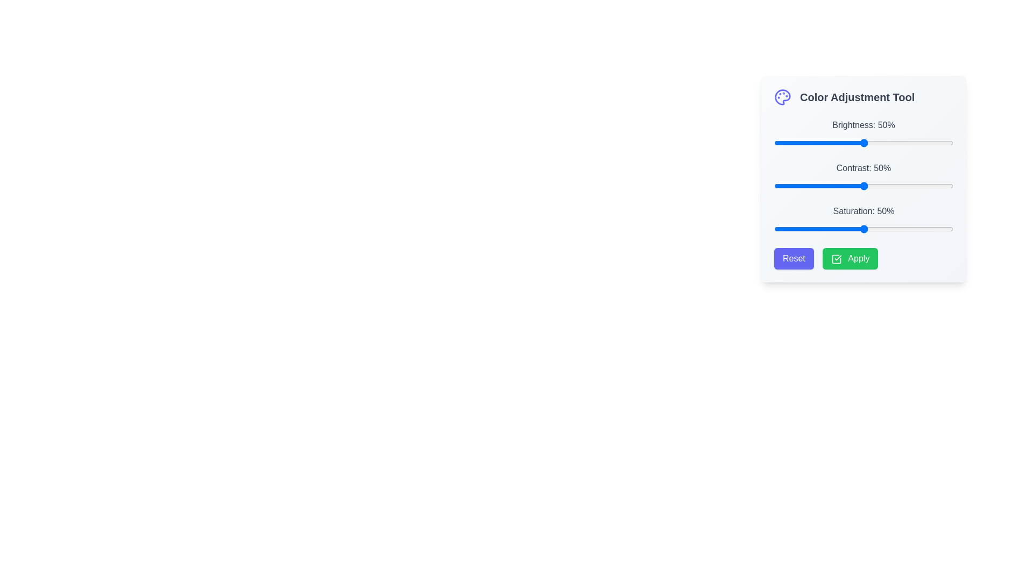 This screenshot has width=1033, height=581. Describe the element at coordinates (874, 228) in the screenshot. I see `the slider` at that location.